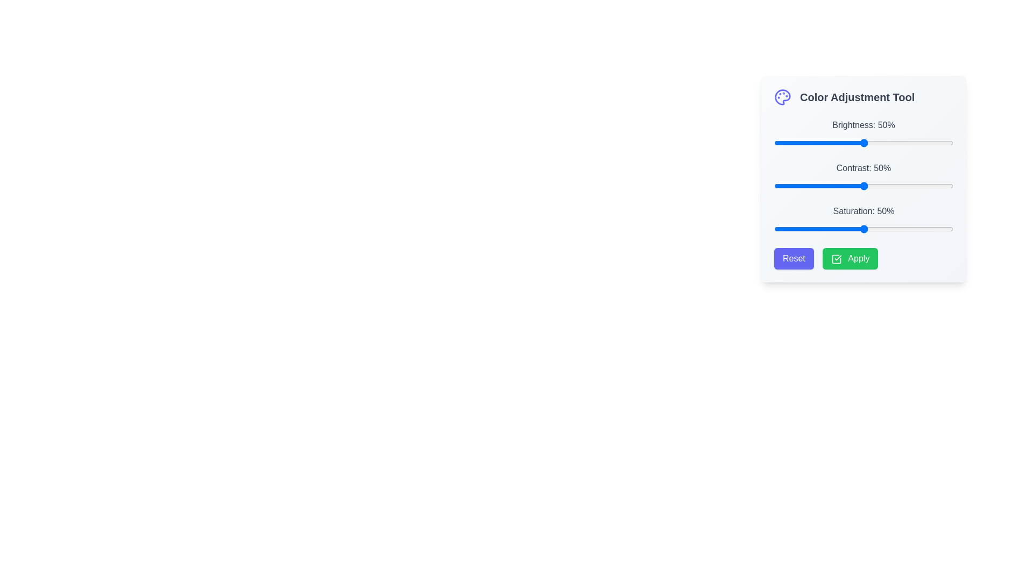 This screenshot has width=1033, height=581. Describe the element at coordinates (874, 228) in the screenshot. I see `the slider` at that location.